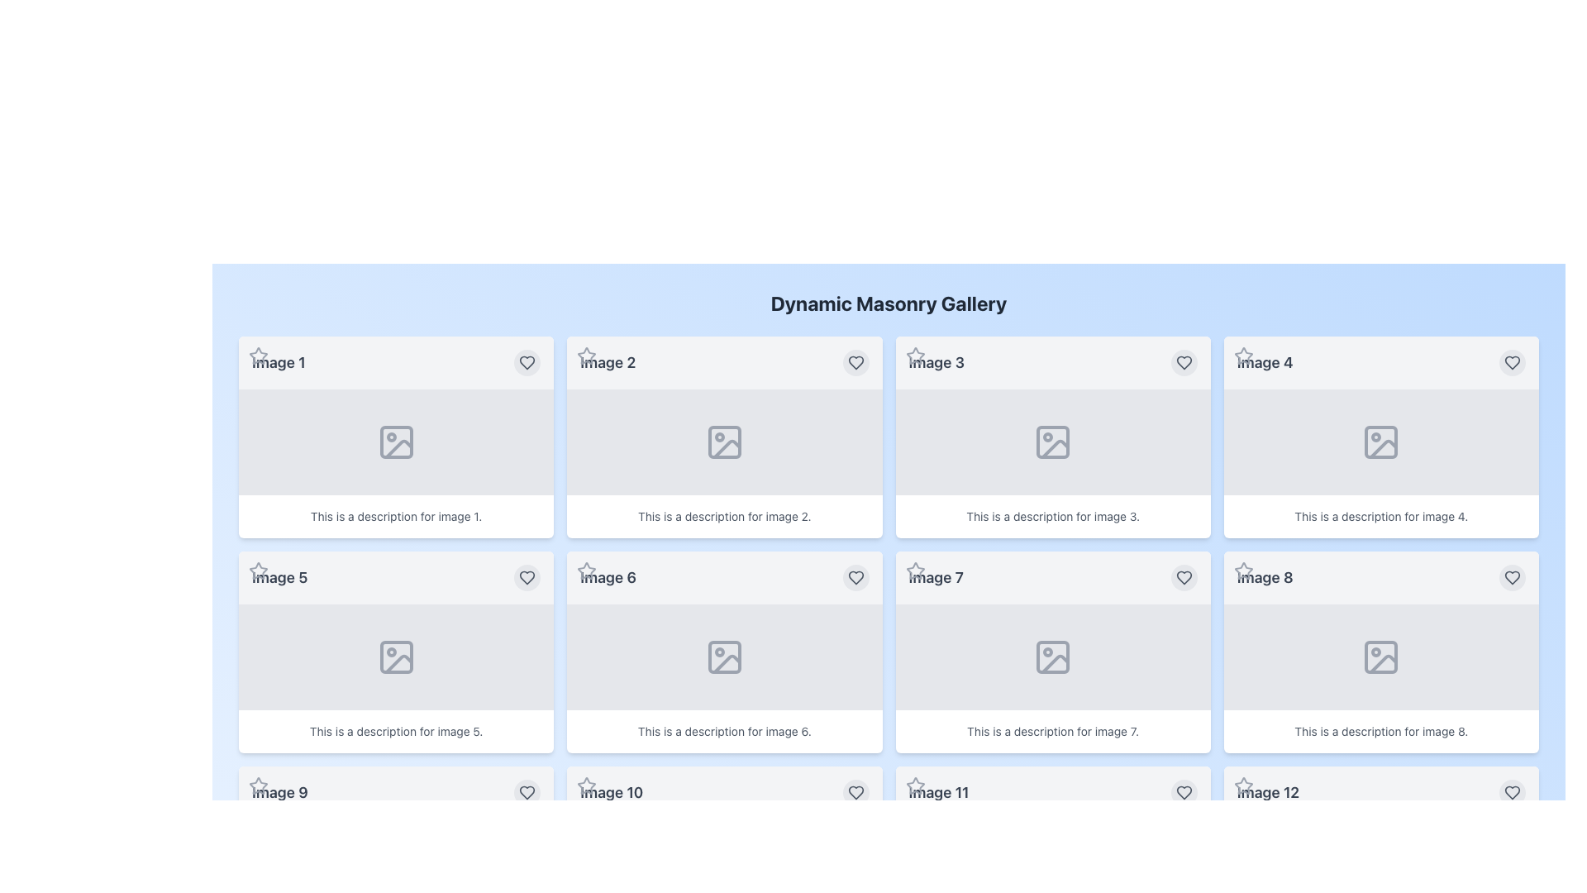  What do you see at coordinates (279, 362) in the screenshot?
I see `text displayed in the label at the top-left corner of the first card in the grid layout, which identifies its content or category` at bounding box center [279, 362].